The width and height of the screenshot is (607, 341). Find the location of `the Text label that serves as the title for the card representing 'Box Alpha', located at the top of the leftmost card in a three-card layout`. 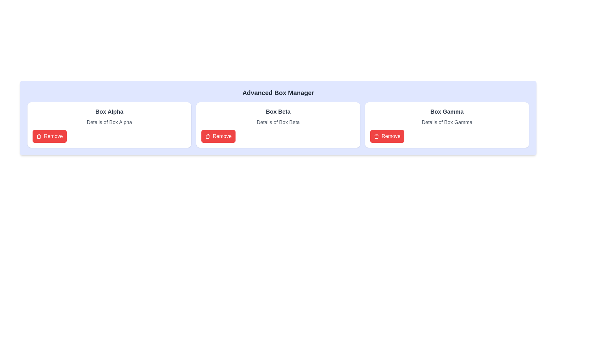

the Text label that serves as the title for the card representing 'Box Alpha', located at the top of the leftmost card in a three-card layout is located at coordinates (109, 111).